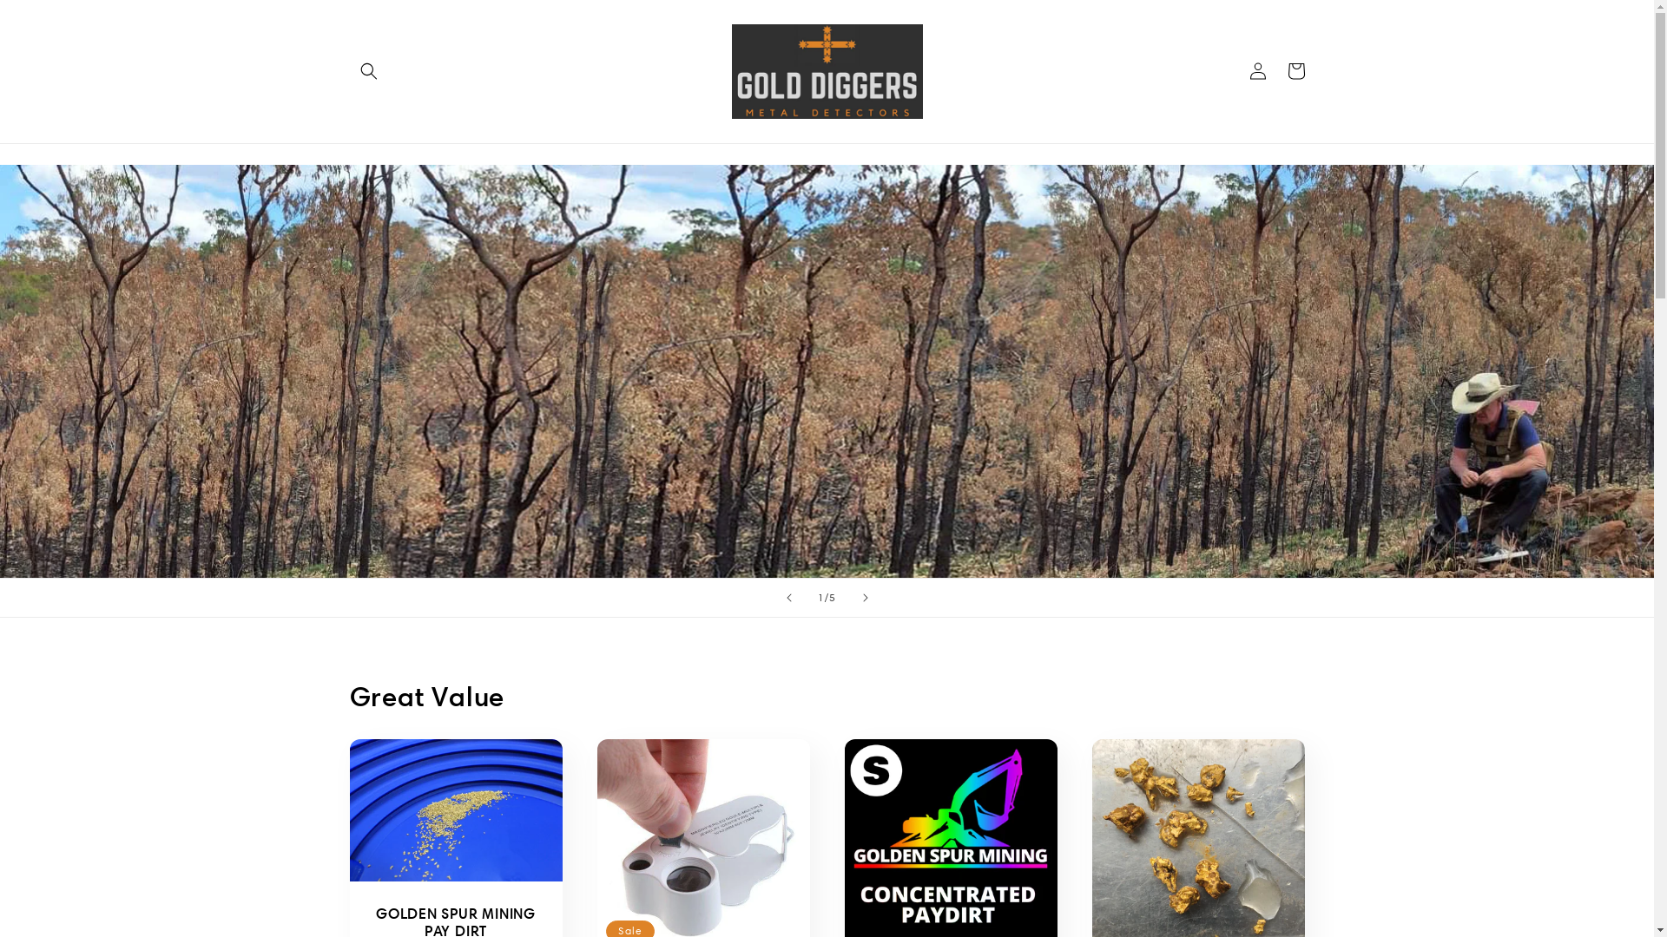 This screenshot has height=937, width=1667. What do you see at coordinates (1257, 69) in the screenshot?
I see `'Log in'` at bounding box center [1257, 69].